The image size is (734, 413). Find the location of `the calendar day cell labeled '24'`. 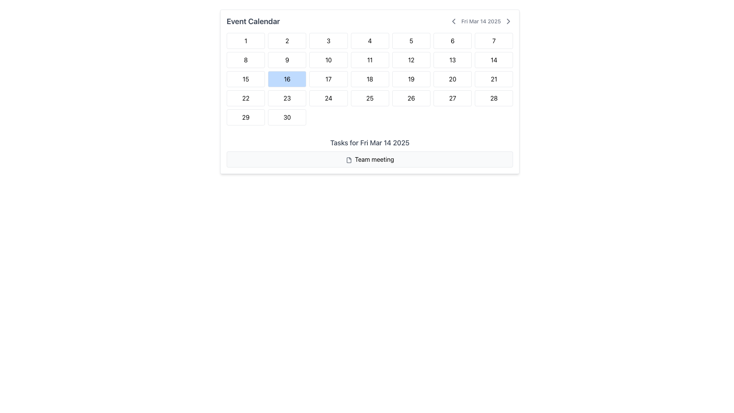

the calendar day cell labeled '24' is located at coordinates (328, 98).